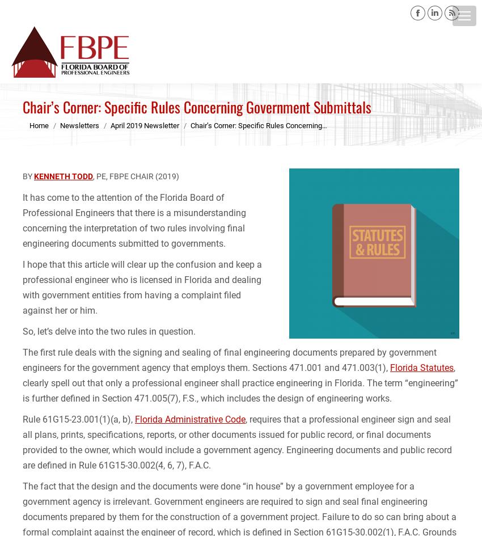  Describe the element at coordinates (240, 383) in the screenshot. I see `', clearly spell out that only a professional engineer shall practice engineering in Florida. The term “engineering” is further defined in Section 471.005(7), F.S., which includes the design of engineering works.'` at that location.